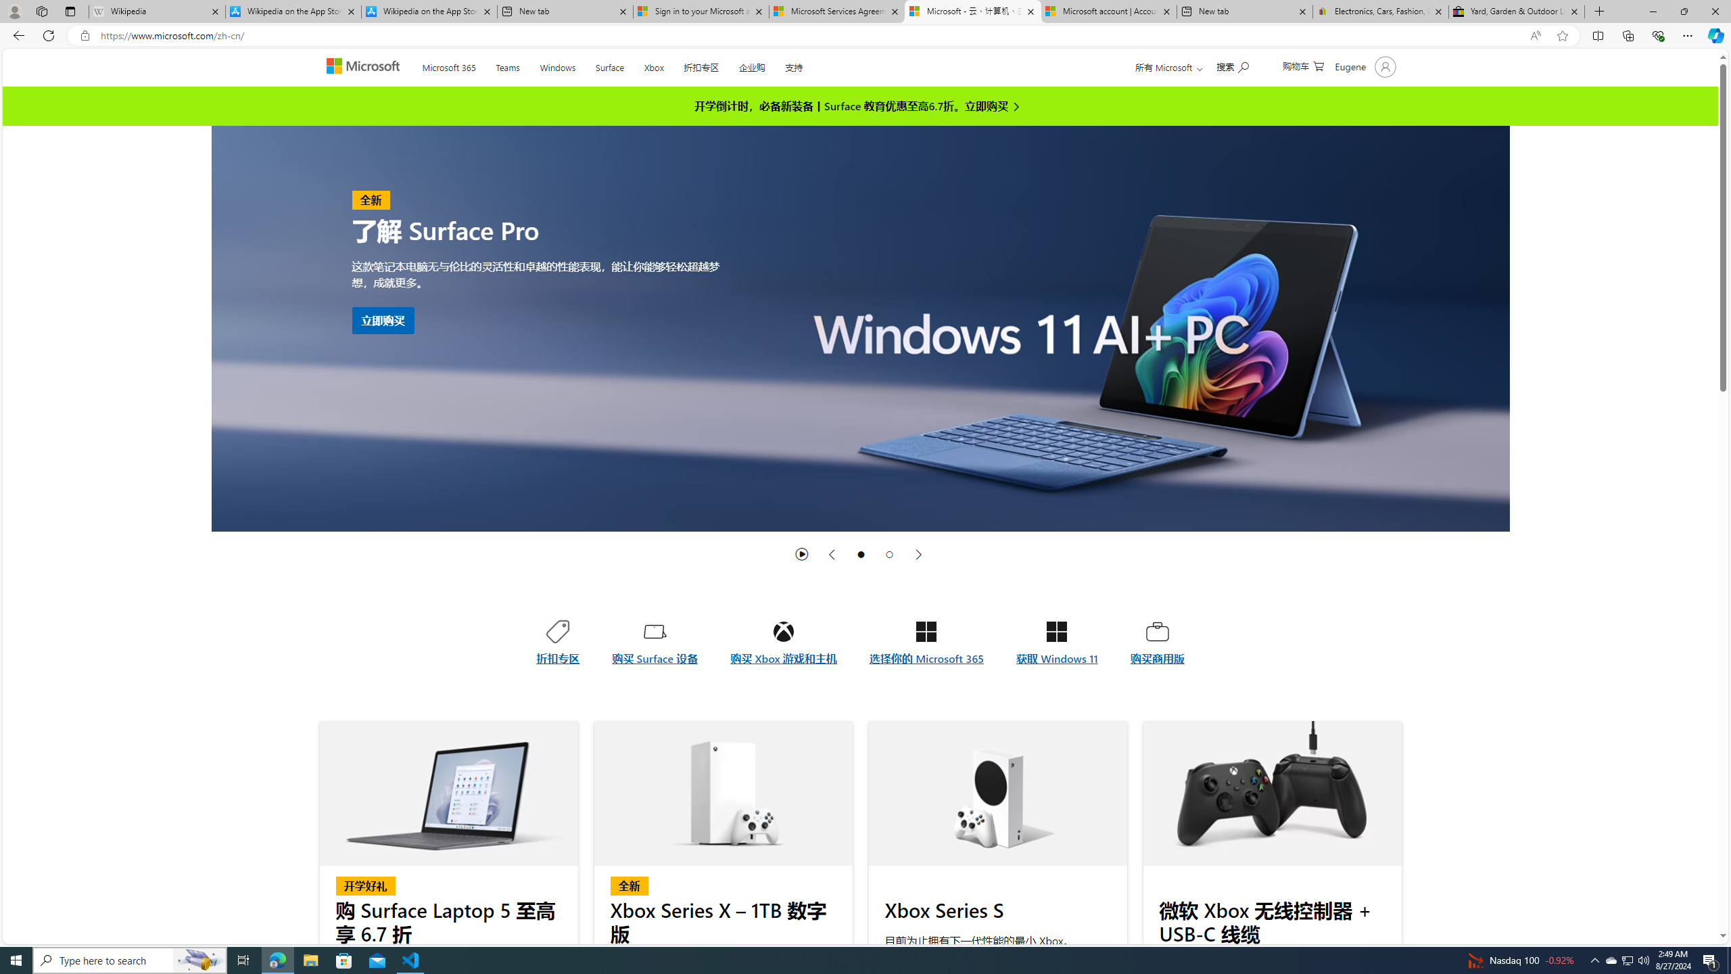 Image resolution: width=1731 pixels, height=974 pixels. Describe the element at coordinates (653, 65) in the screenshot. I see `'Xbox'` at that location.